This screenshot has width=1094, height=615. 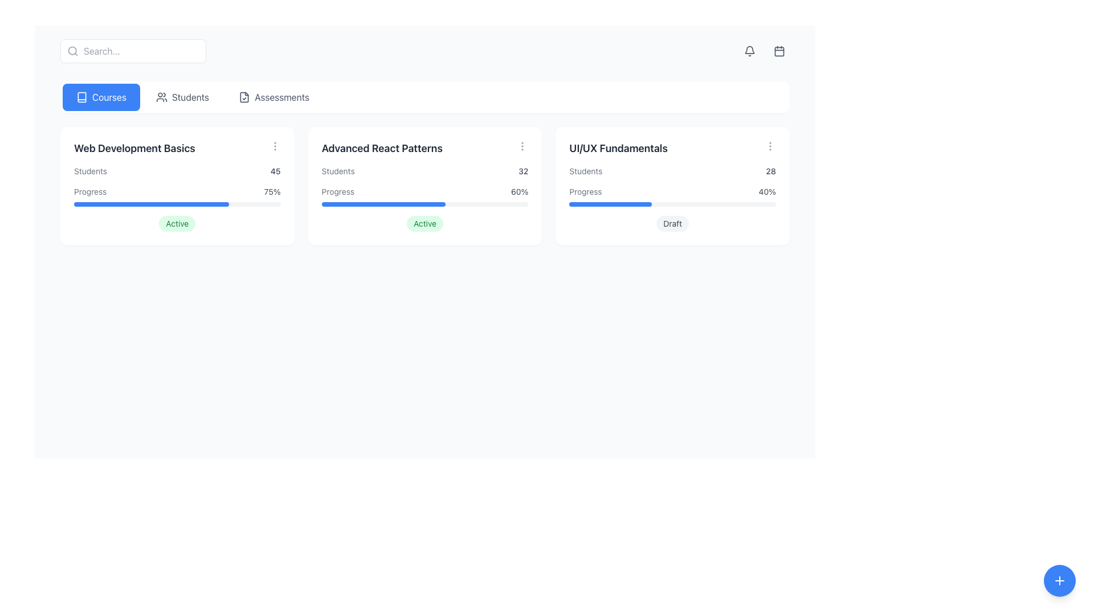 What do you see at coordinates (273, 96) in the screenshot?
I see `the Interactive button labeled 'Assessments' in the navigation bar to observe the visual cue indicating interactivity` at bounding box center [273, 96].